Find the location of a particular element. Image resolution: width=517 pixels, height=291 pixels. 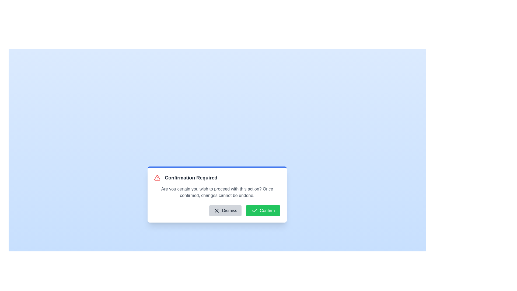

the 'Dismiss' button, which is a rectangular button with a light gray background and darker gray text, located in the footer section of the confirmation dialog box is located at coordinates (217, 210).